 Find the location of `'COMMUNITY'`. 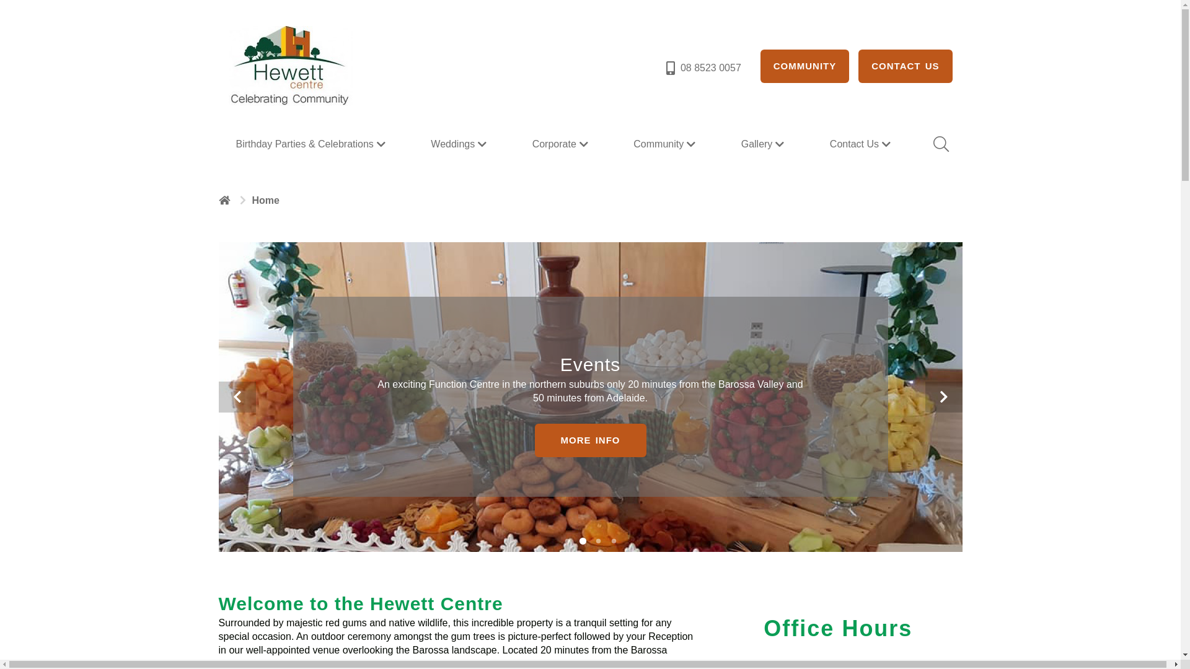

'COMMUNITY' is located at coordinates (760, 66).